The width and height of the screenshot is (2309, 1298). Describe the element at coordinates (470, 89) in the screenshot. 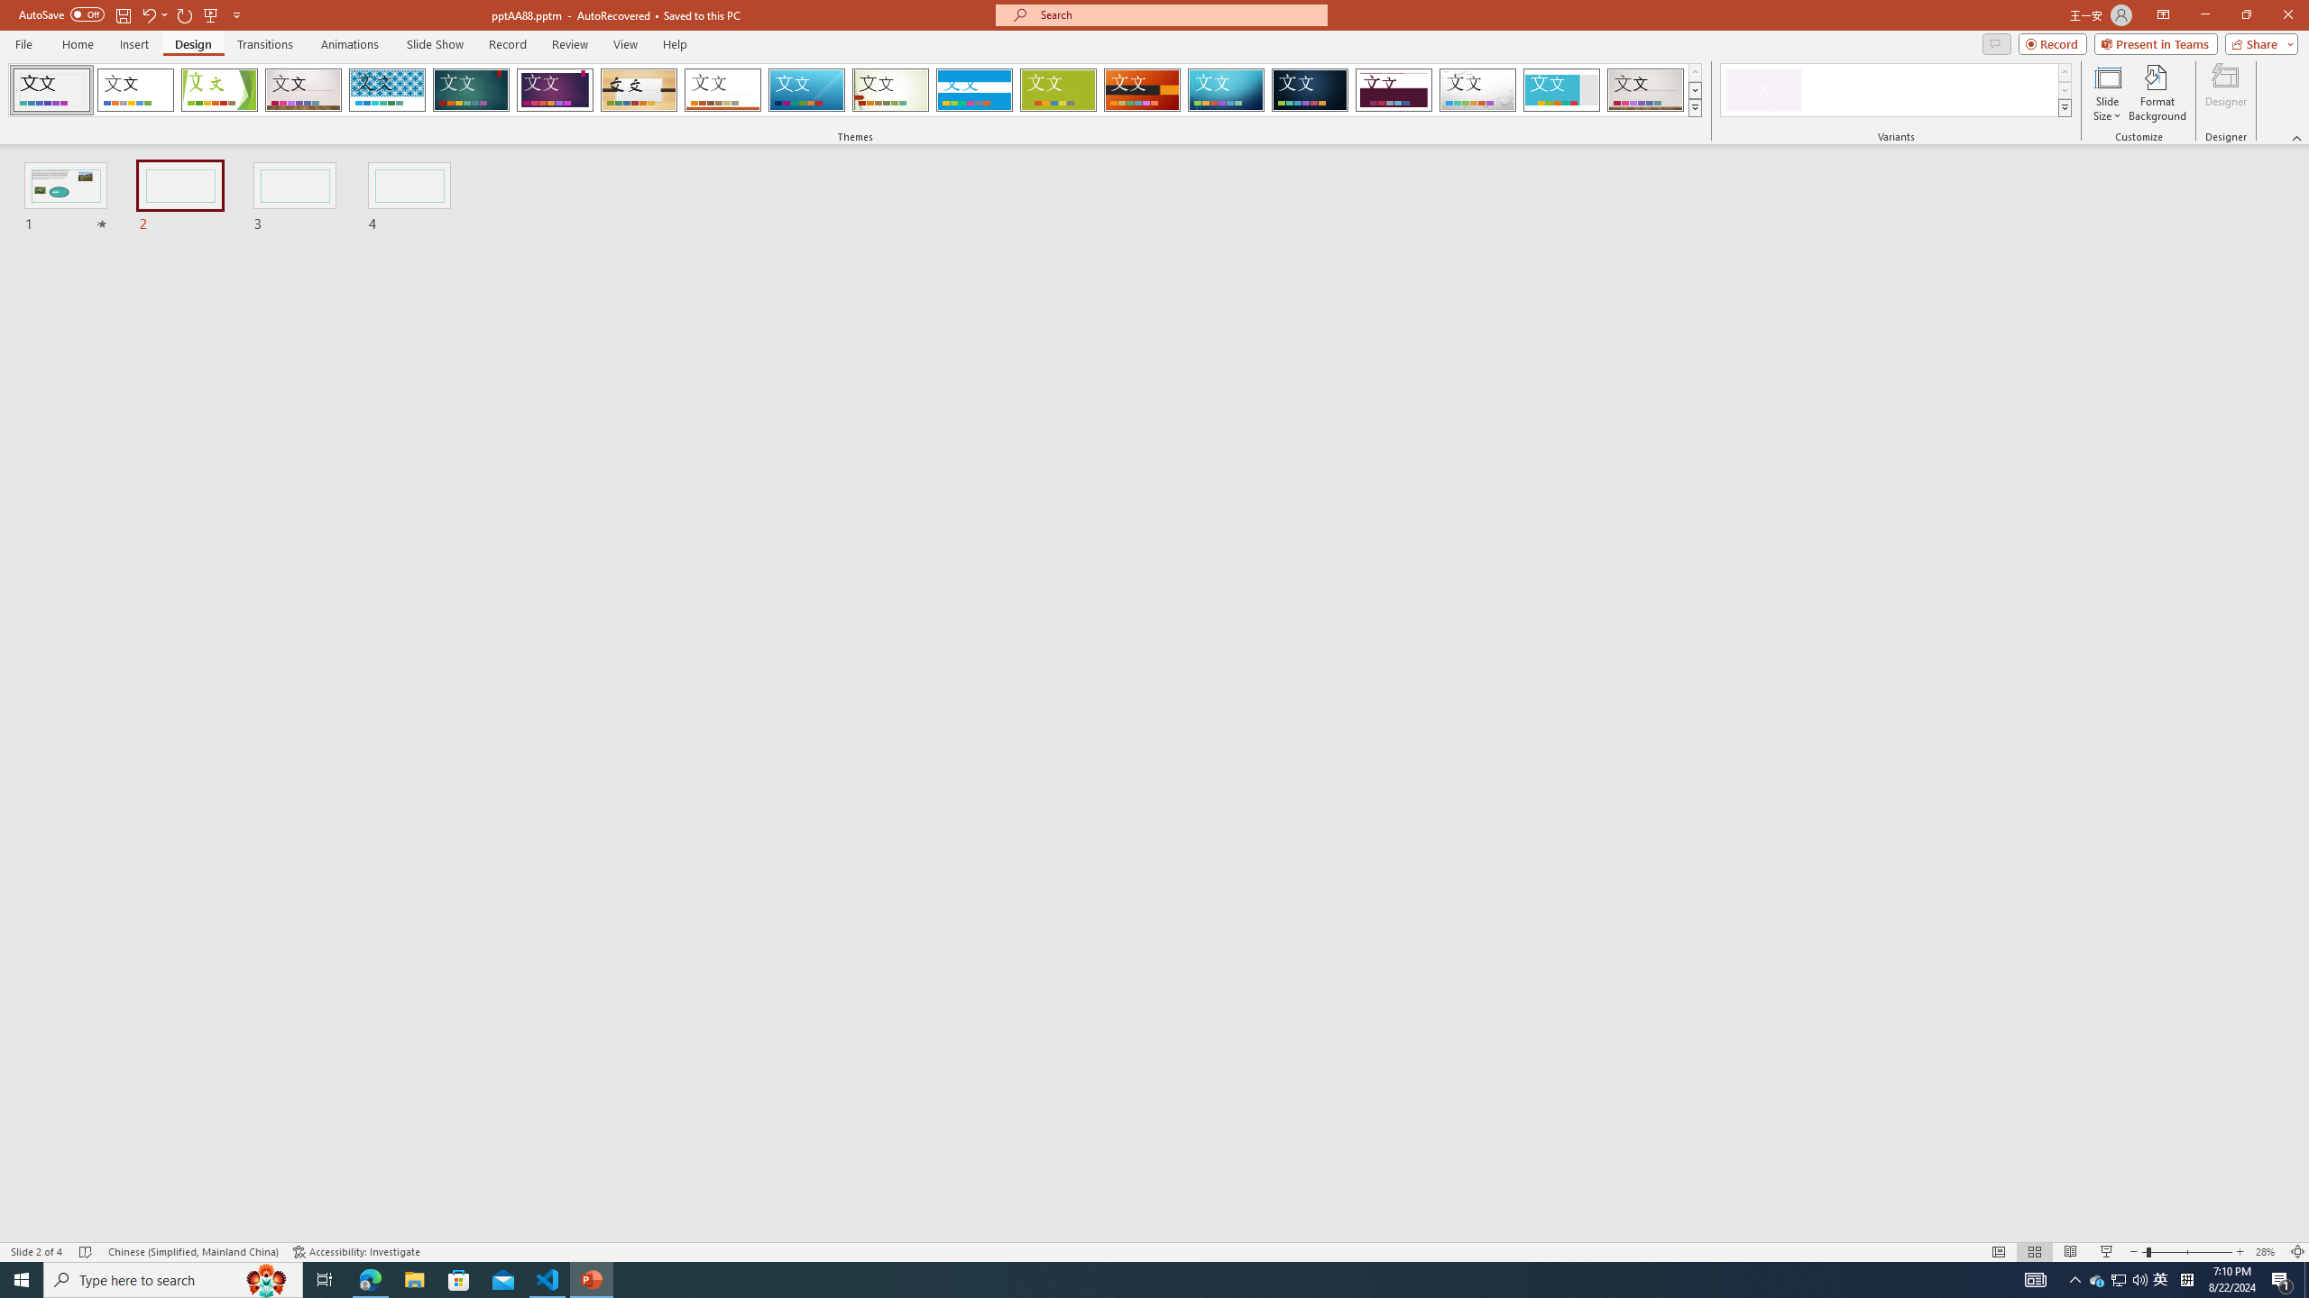

I see `'Ion Loading Preview...'` at that location.